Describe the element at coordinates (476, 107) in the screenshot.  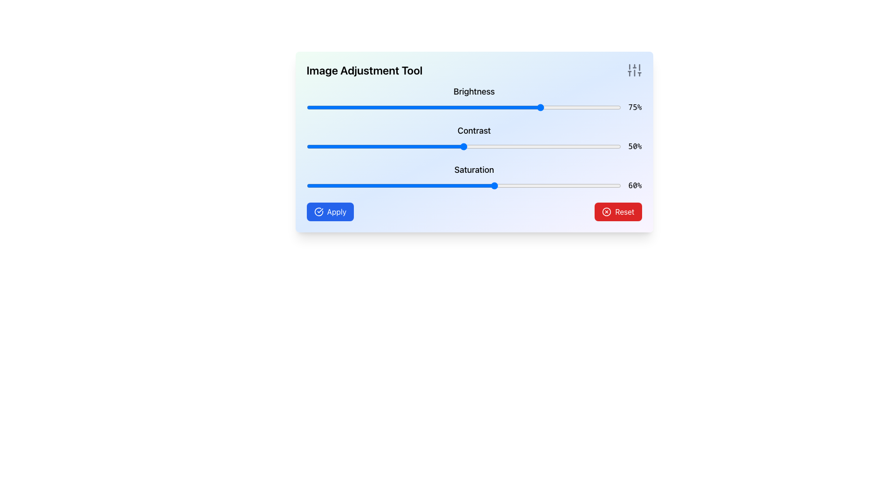
I see `the brightness` at that location.